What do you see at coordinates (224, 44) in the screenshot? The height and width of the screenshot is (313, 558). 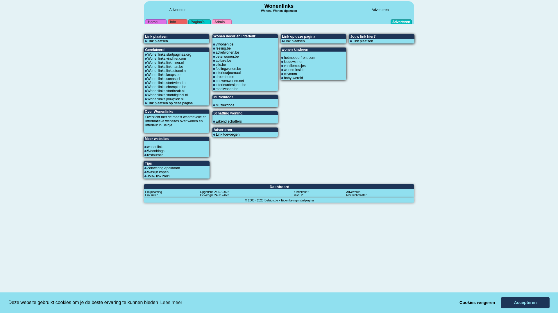 I see `'vtwonen.be'` at bounding box center [224, 44].